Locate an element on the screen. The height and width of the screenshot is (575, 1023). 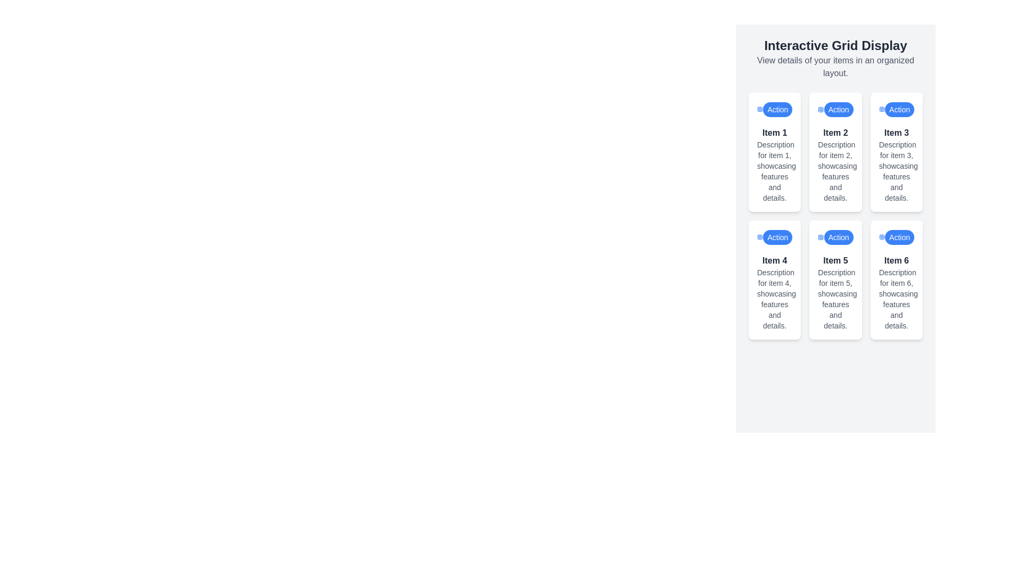
the grid icon located to the left of the 'Action' button text in the fifth card of a 2x3 grid layout, situated in the bottom row and second column is located at coordinates (820, 237).